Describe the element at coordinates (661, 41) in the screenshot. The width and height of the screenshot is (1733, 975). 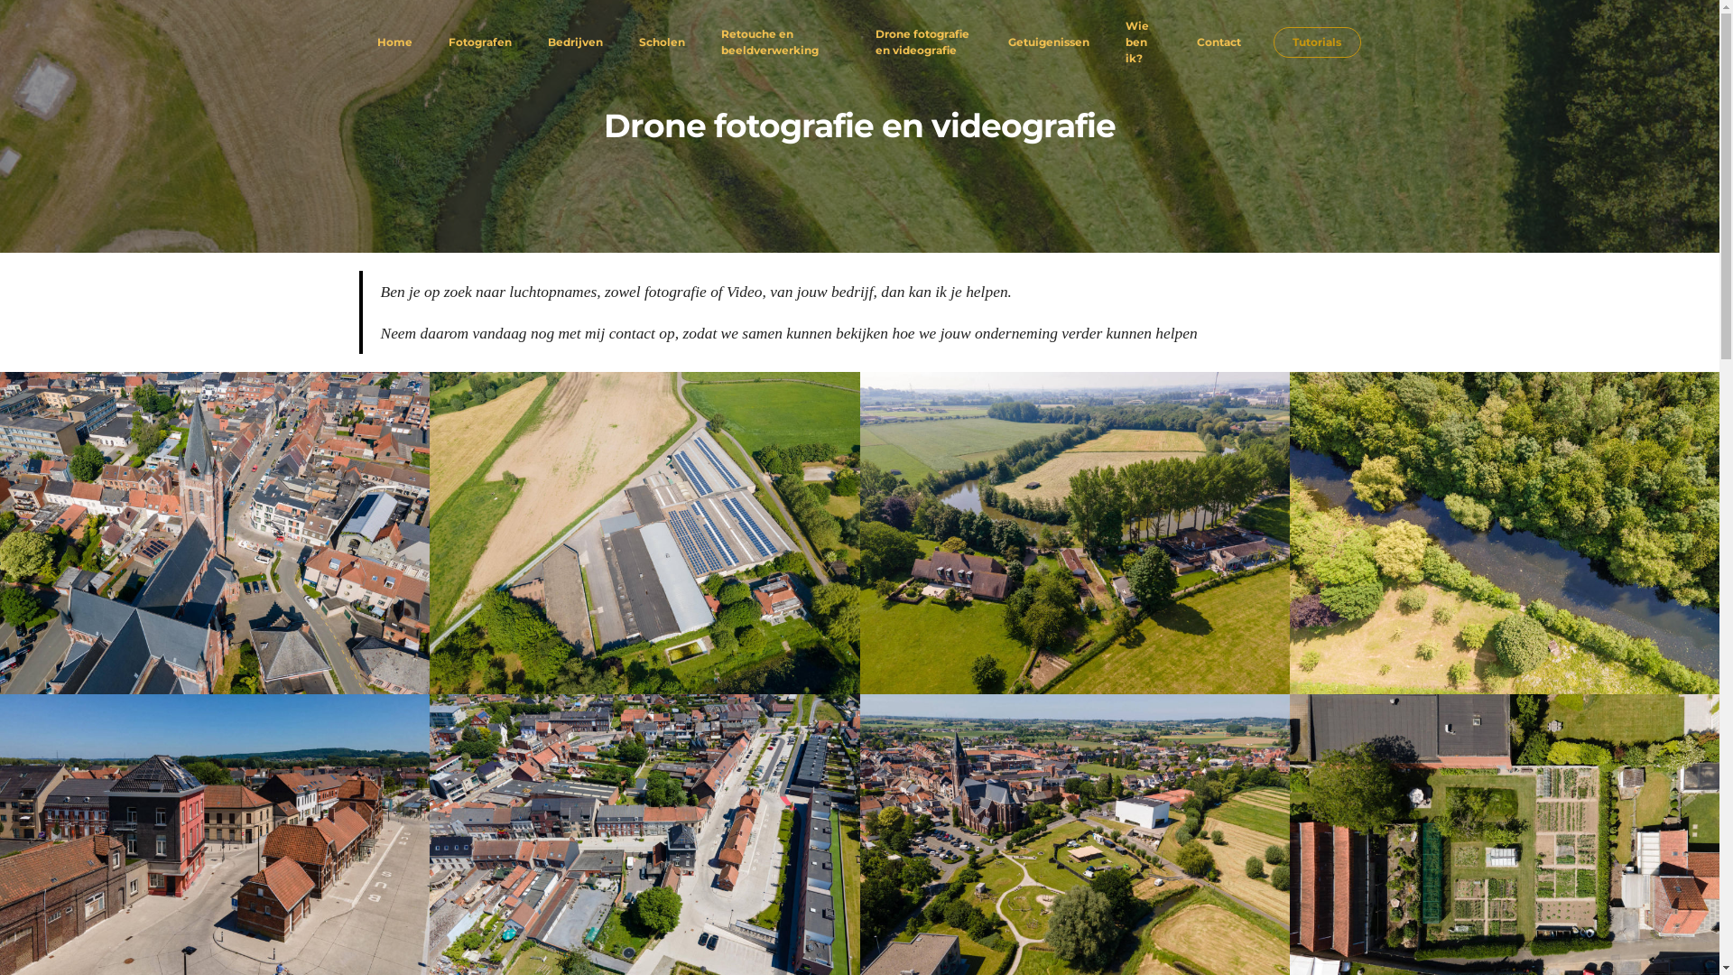
I see `'Scholen'` at that location.